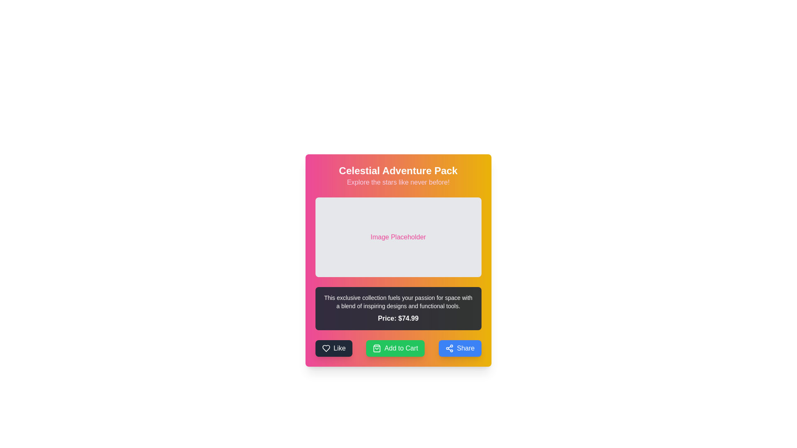  I want to click on the small vector icon of a shopping bag with a green background, which is located to the left of the 'Add to Cart' text within the green button at the bottom of the interface, so click(376, 348).